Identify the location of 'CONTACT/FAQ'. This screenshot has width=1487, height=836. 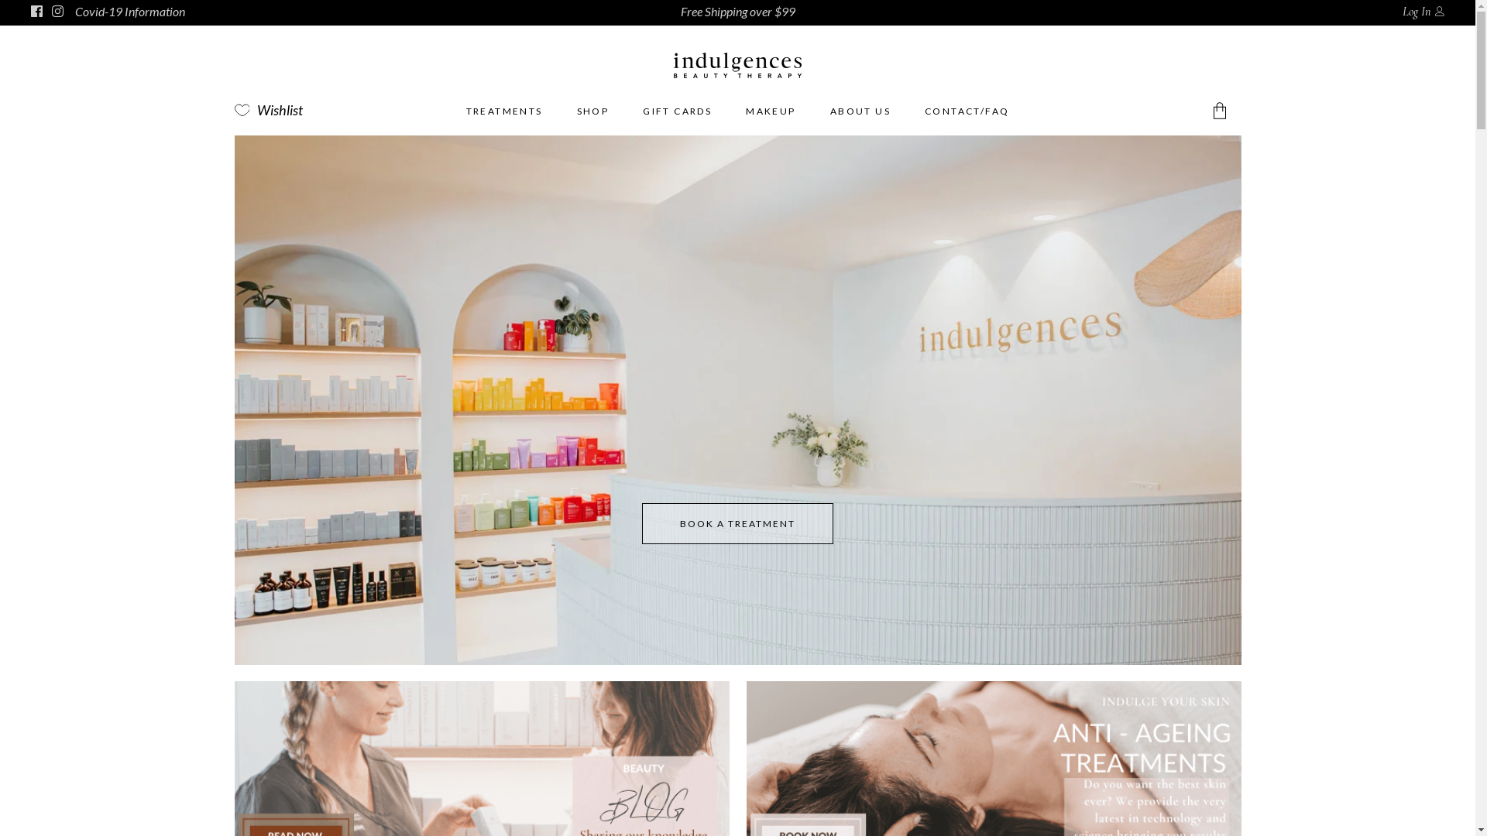
(966, 110).